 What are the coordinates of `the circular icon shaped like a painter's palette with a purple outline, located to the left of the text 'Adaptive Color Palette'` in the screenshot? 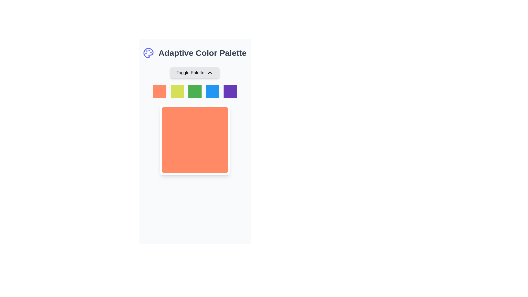 It's located at (148, 53).